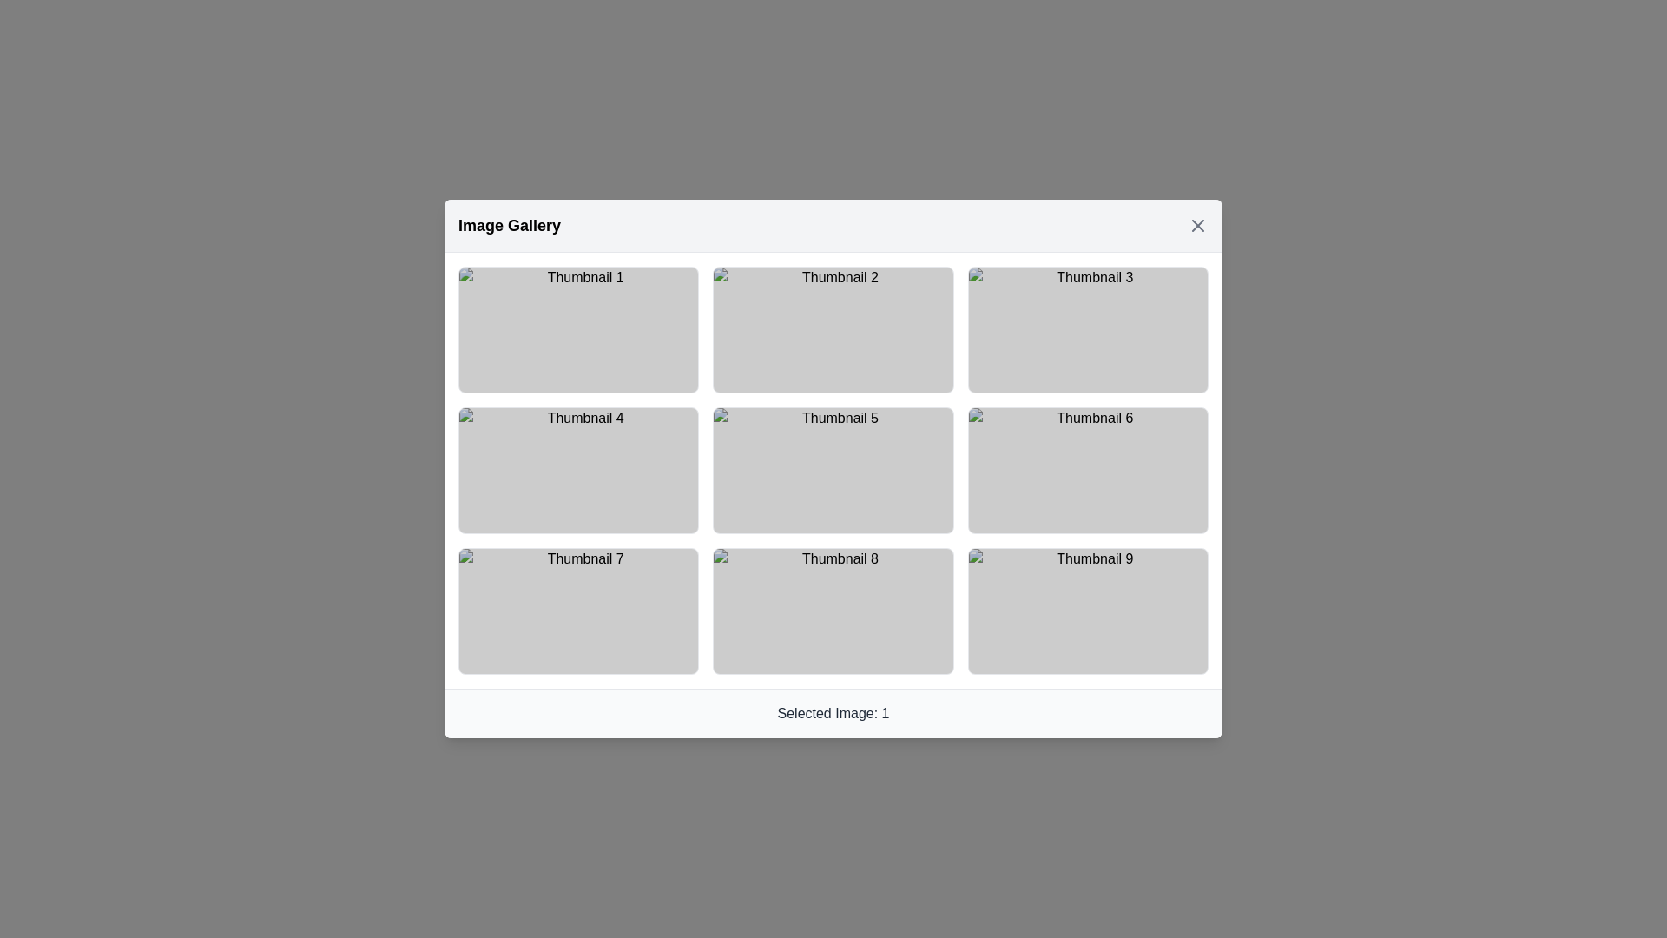 Image resolution: width=1667 pixels, height=938 pixels. What do you see at coordinates (1087, 330) in the screenshot?
I see `the Overlay component of the third thumbnail in the grid layout to view its active state change` at bounding box center [1087, 330].